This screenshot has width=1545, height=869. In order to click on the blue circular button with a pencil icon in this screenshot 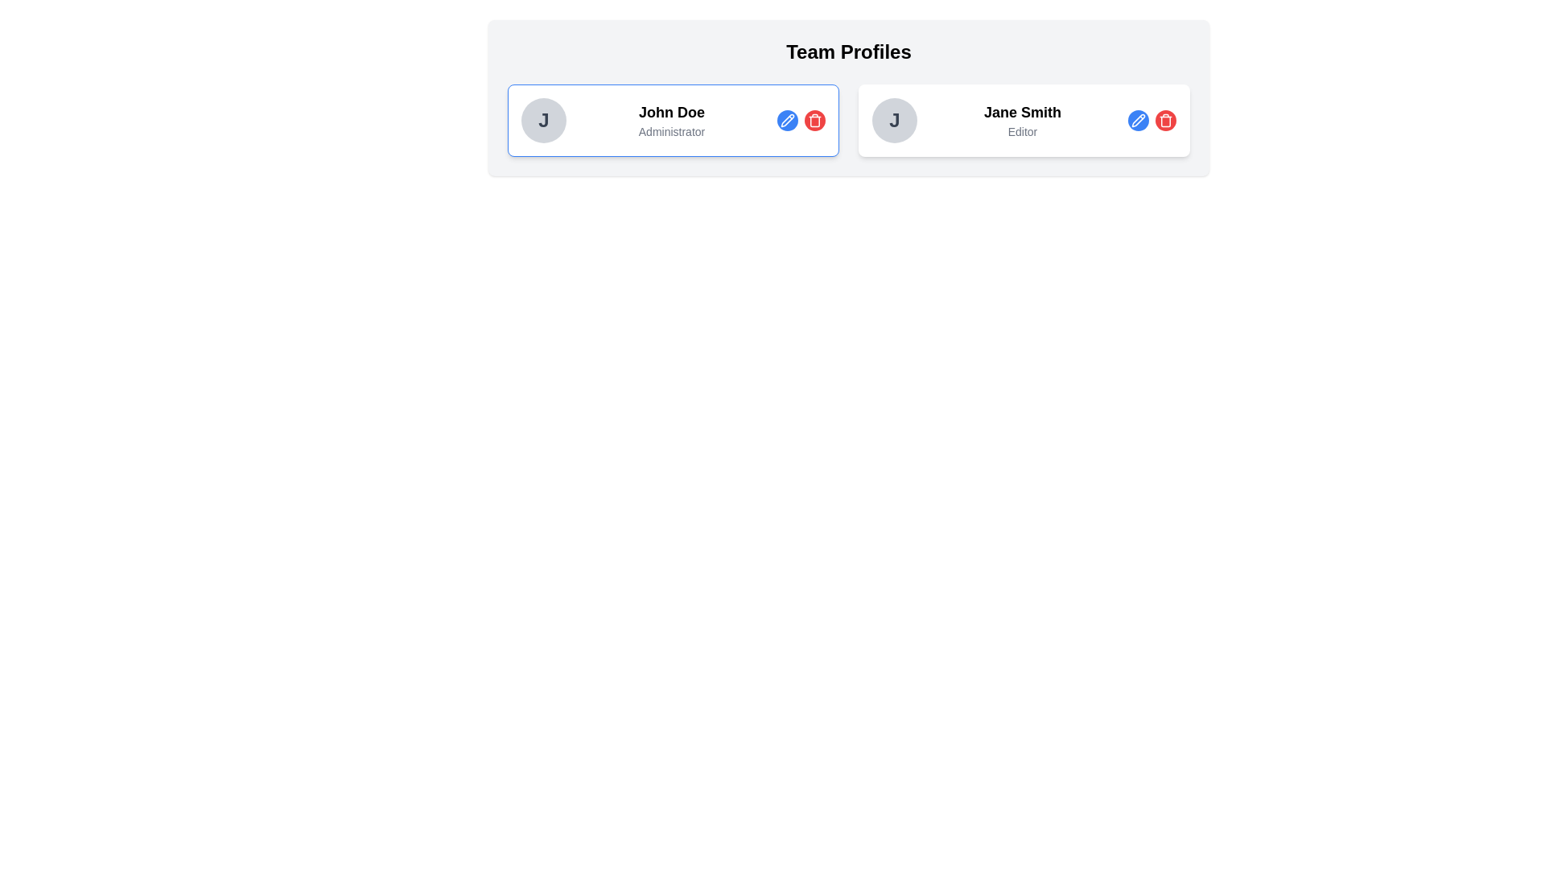, I will do `click(801, 120)`.